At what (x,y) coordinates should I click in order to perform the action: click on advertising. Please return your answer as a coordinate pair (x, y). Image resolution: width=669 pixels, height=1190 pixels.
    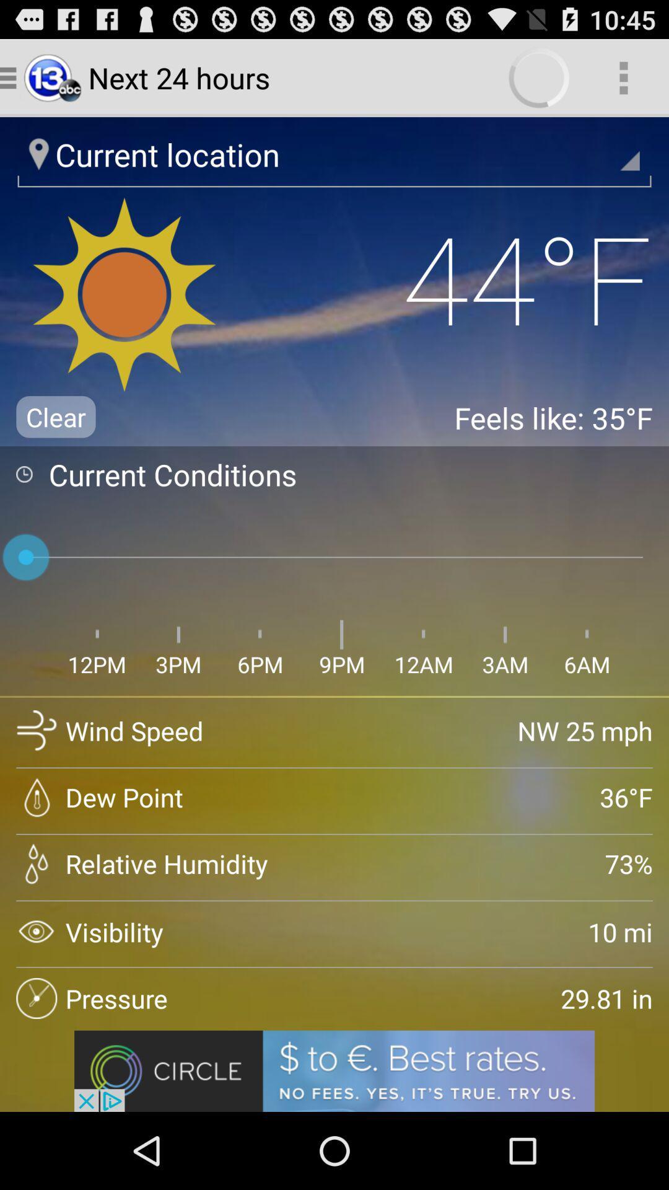
    Looking at the image, I should click on (334, 1070).